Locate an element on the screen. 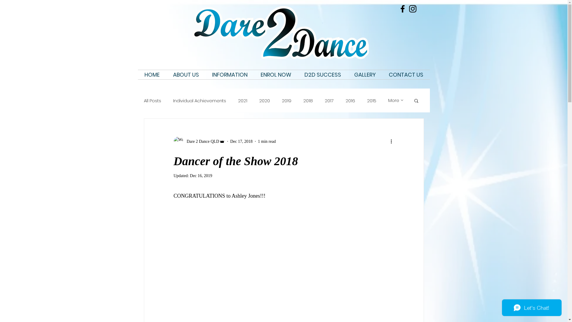 This screenshot has height=322, width=572. 'HOME' is located at coordinates (152, 74).